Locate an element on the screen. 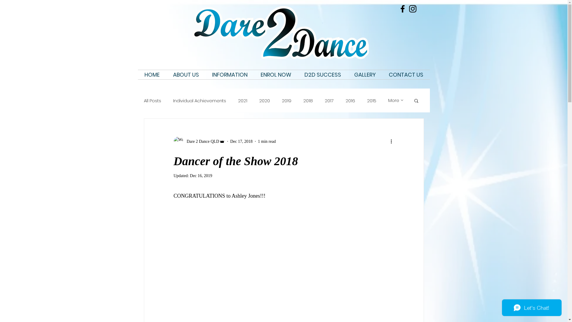 This screenshot has height=322, width=572. 'HOME' is located at coordinates (152, 74).